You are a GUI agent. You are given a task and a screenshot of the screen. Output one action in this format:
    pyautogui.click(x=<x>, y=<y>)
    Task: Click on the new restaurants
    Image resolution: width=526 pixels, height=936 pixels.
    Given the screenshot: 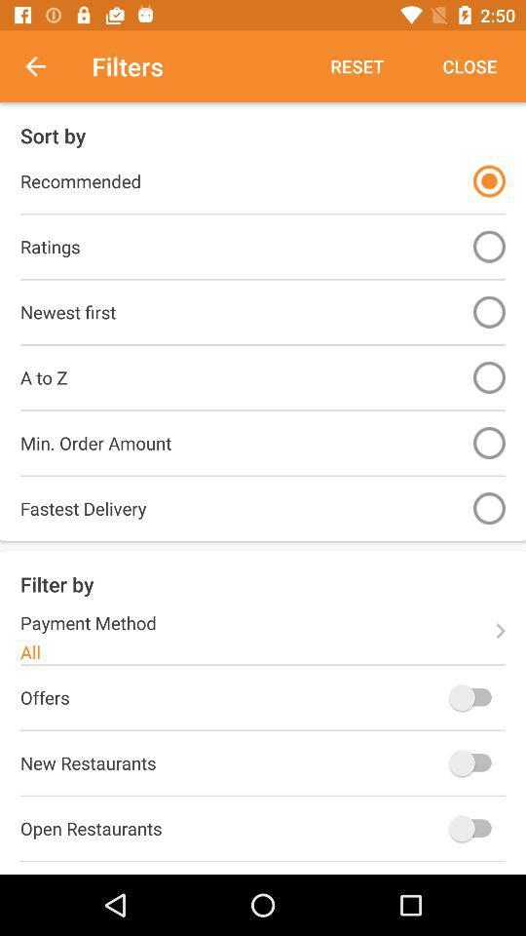 What is the action you would take?
    pyautogui.click(x=473, y=762)
    